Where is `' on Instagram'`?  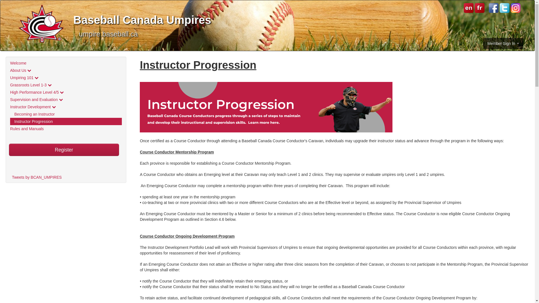
' on Instagram' is located at coordinates (511, 8).